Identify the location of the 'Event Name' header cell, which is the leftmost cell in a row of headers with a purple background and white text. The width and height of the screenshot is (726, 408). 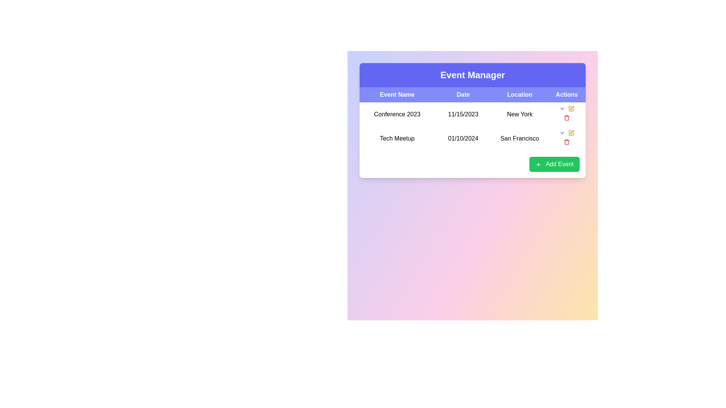
(397, 94).